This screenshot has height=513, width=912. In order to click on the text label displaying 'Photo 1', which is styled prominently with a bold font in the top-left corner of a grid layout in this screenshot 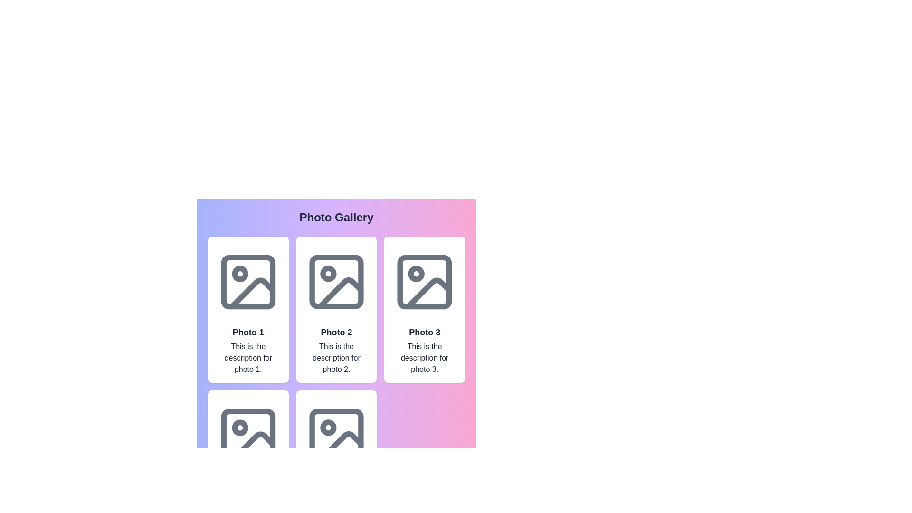, I will do `click(248, 332)`.